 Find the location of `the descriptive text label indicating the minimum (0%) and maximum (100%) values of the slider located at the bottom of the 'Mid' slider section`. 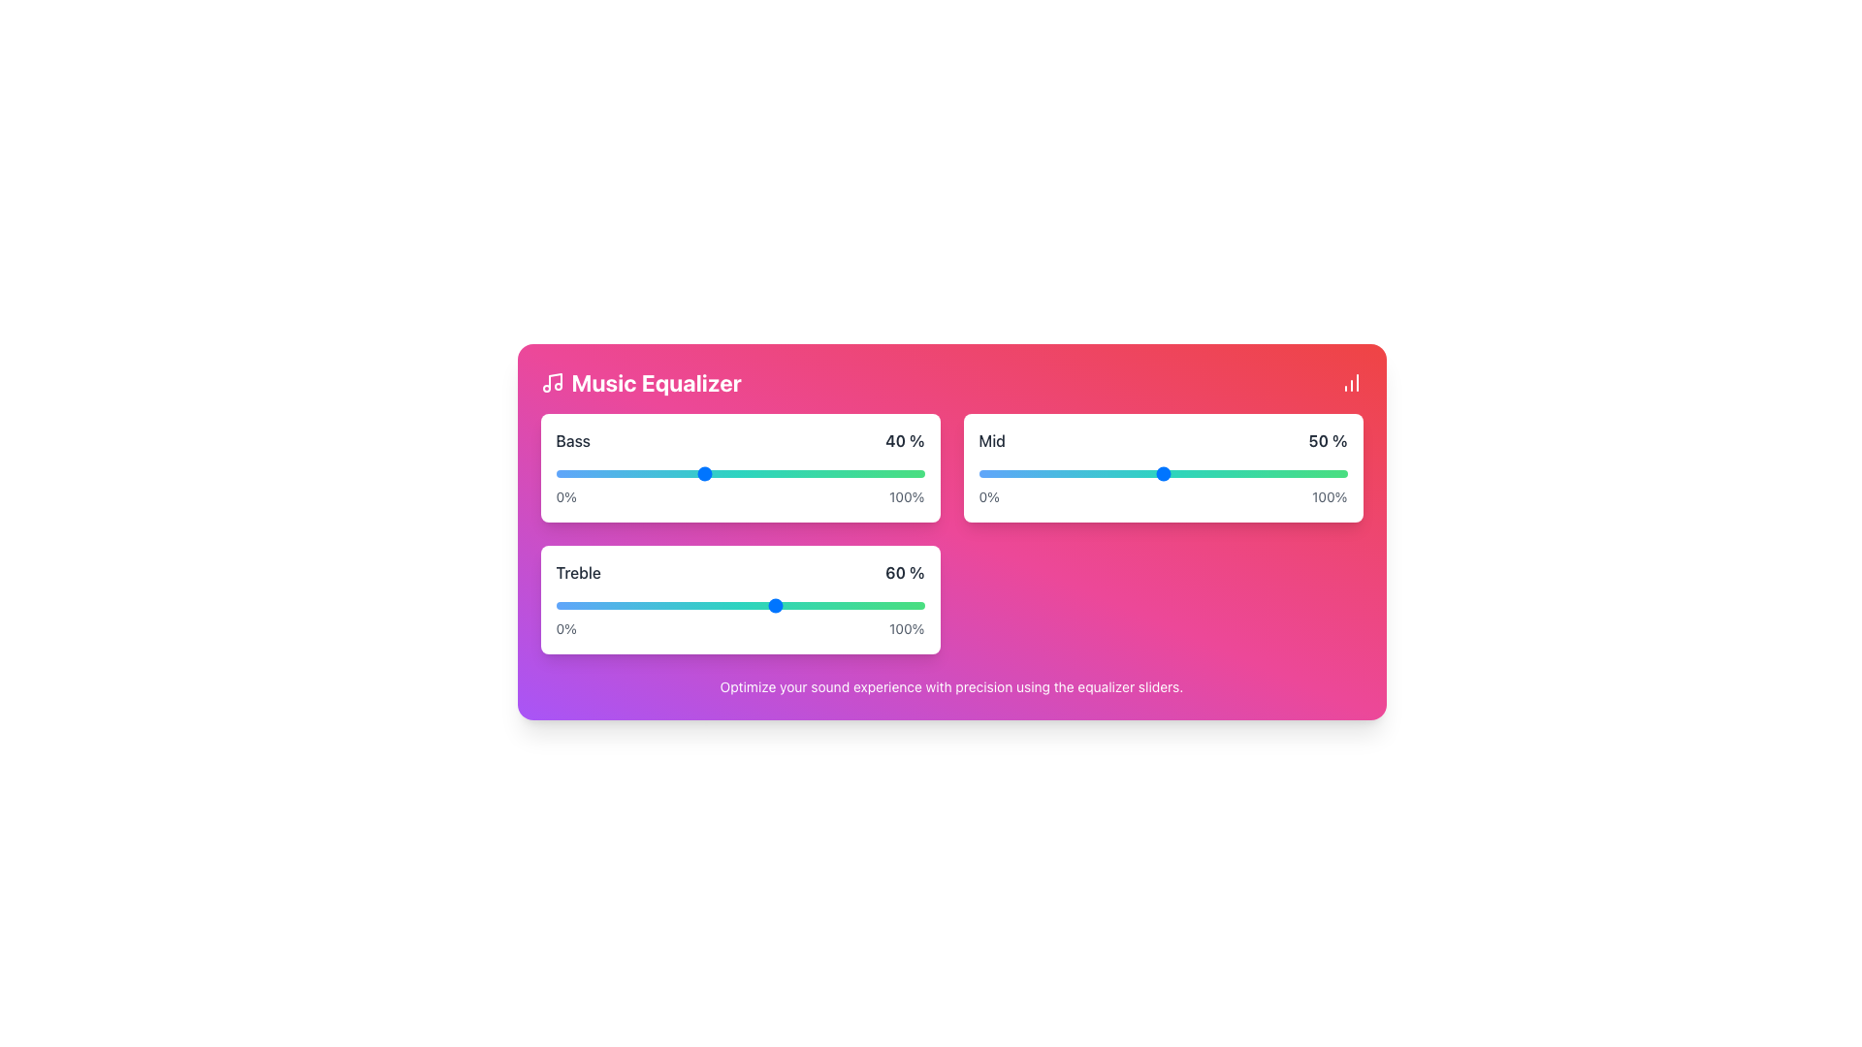

the descriptive text label indicating the minimum (0%) and maximum (100%) values of the slider located at the bottom of the 'Mid' slider section is located at coordinates (1163, 496).